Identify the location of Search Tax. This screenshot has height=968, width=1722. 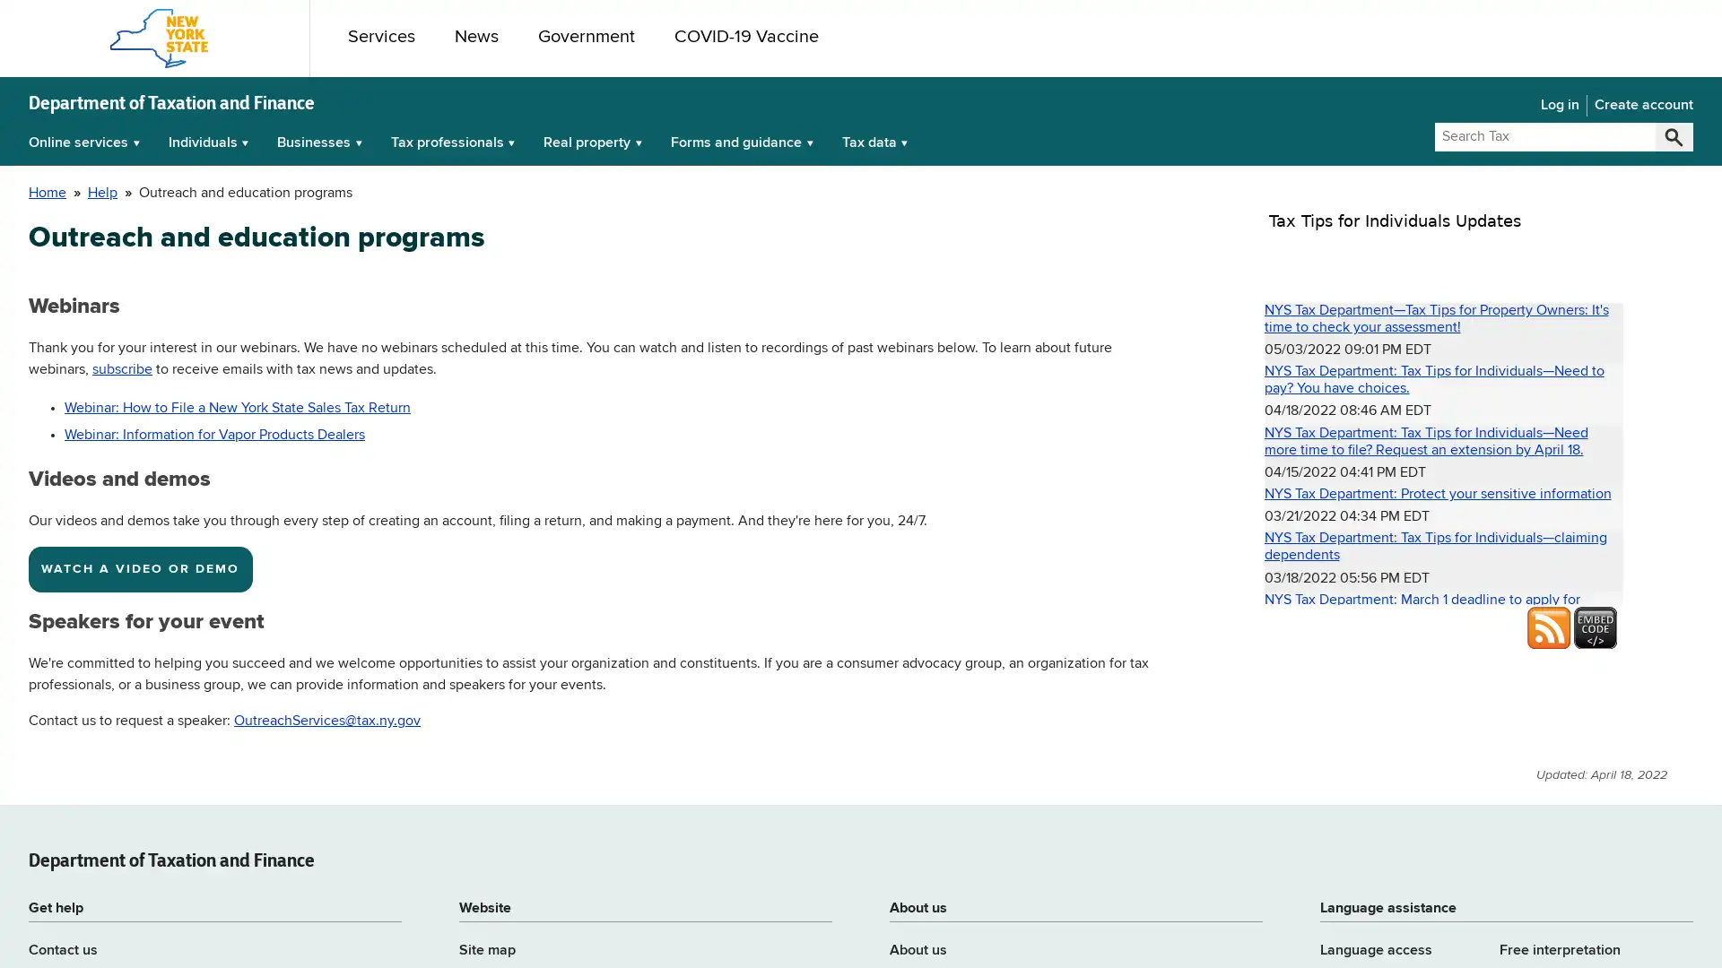
(1673, 136).